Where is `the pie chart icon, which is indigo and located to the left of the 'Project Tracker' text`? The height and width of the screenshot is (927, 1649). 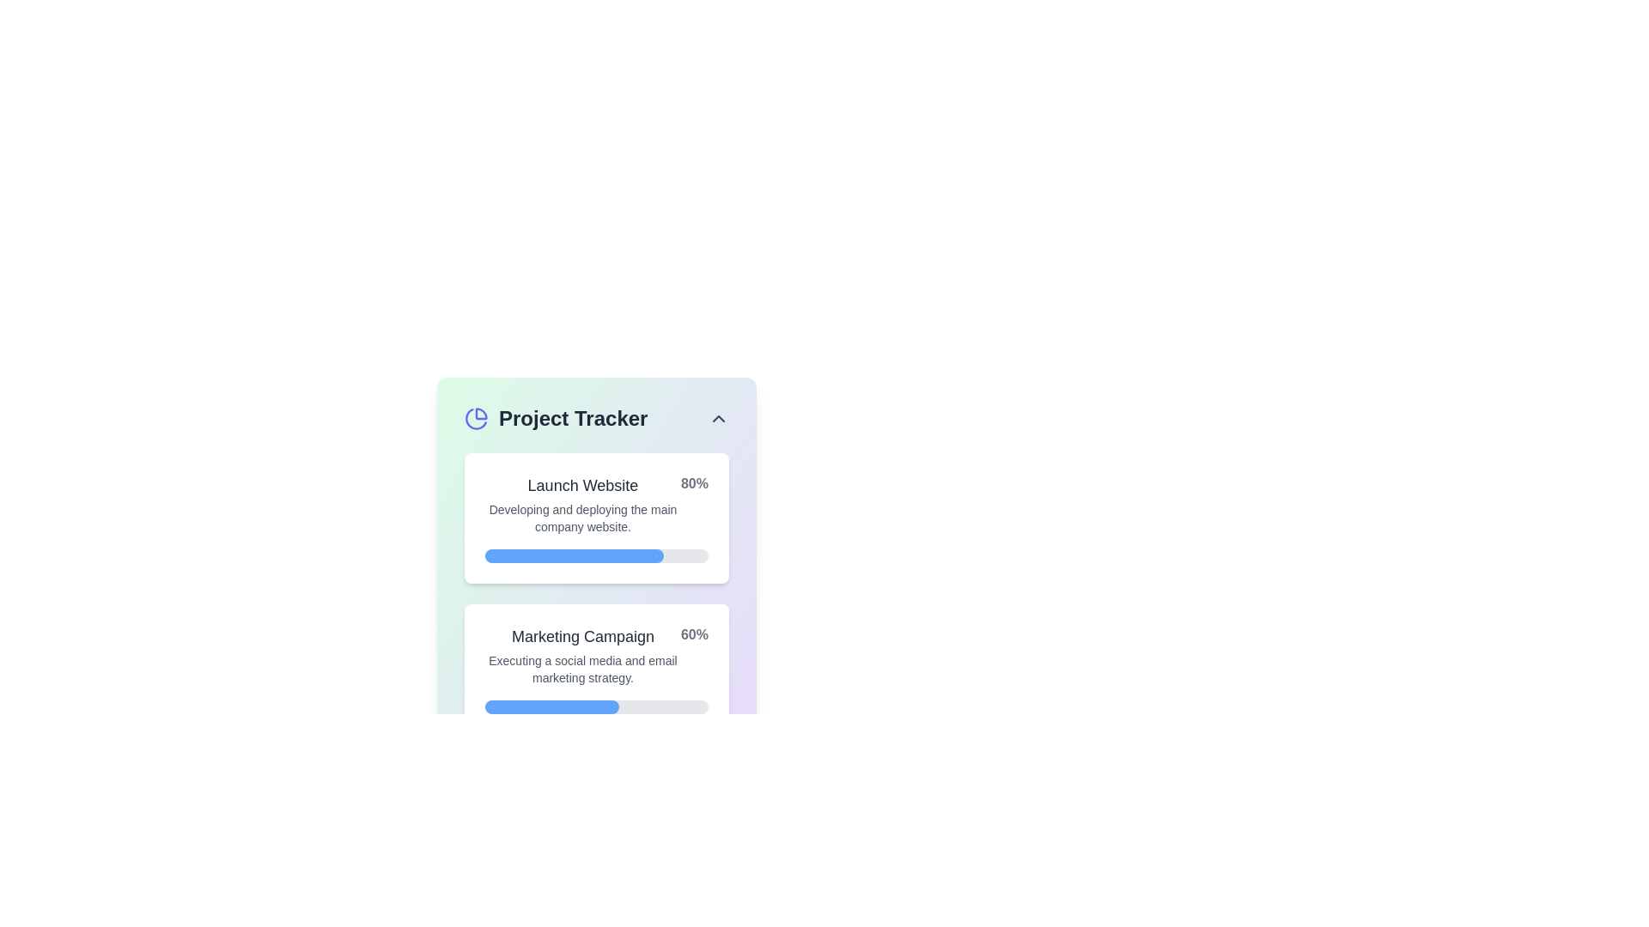 the pie chart icon, which is indigo and located to the left of the 'Project Tracker' text is located at coordinates (477, 419).